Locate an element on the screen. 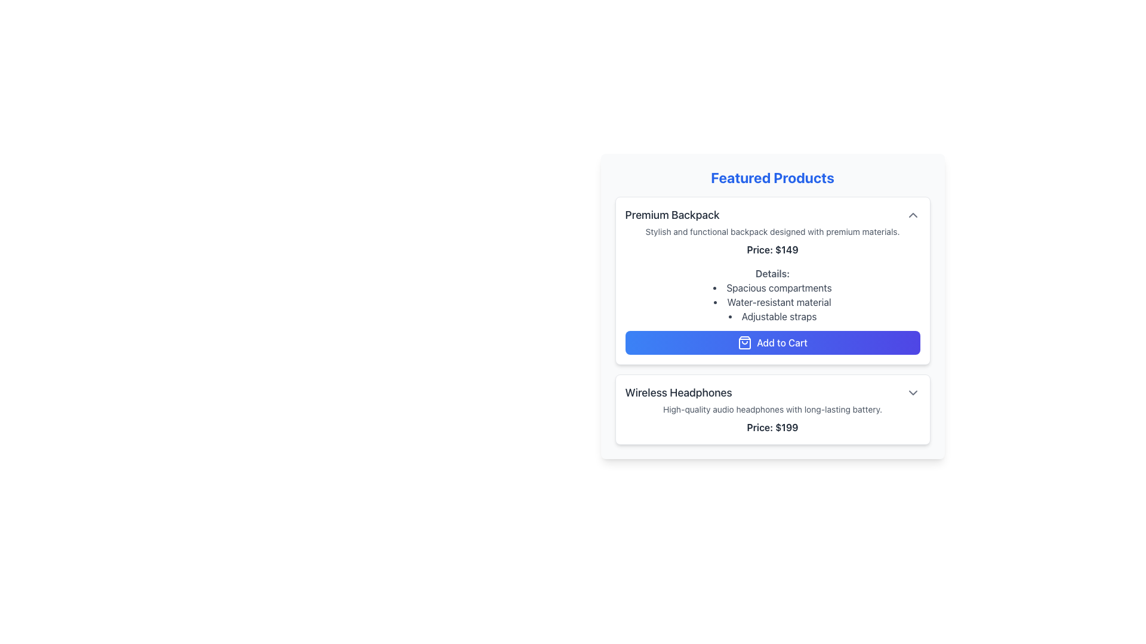  the price label that displays 'Price: $199' at the bottom of the product card for 'Wireless Headphones' is located at coordinates (772, 427).